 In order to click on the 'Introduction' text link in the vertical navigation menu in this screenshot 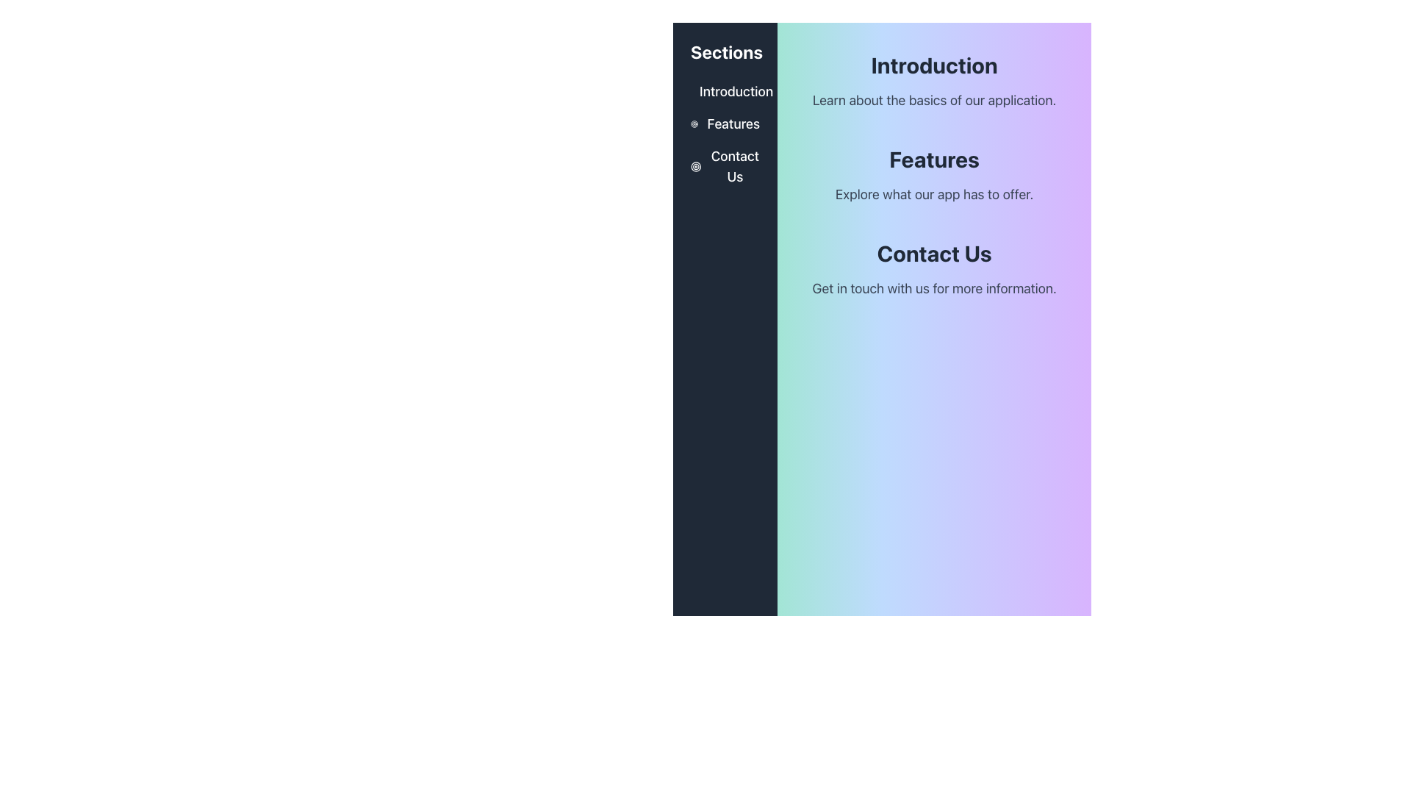, I will do `click(725, 91)`.